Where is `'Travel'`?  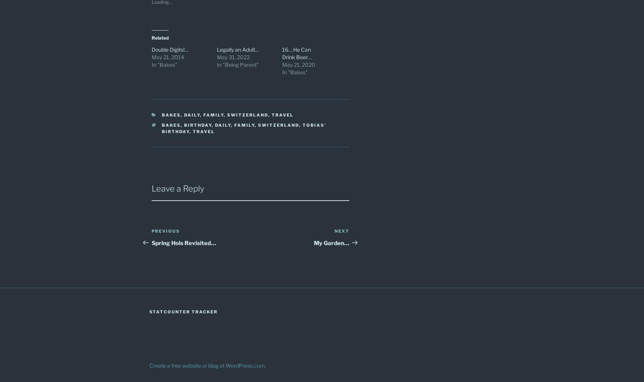
'Travel' is located at coordinates (272, 114).